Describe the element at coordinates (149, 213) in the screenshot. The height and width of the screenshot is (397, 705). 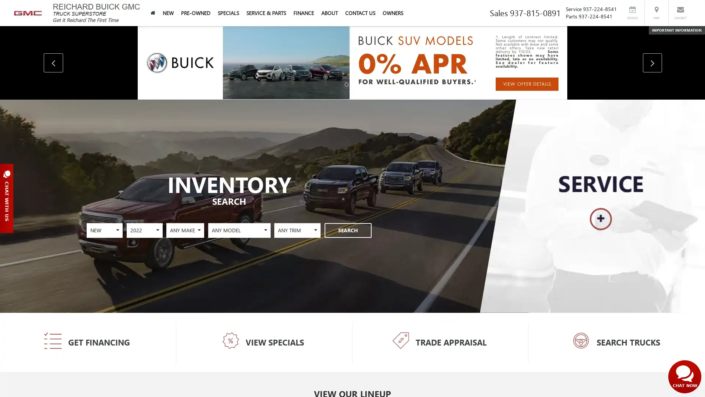
I see `Plus sign More` at that location.